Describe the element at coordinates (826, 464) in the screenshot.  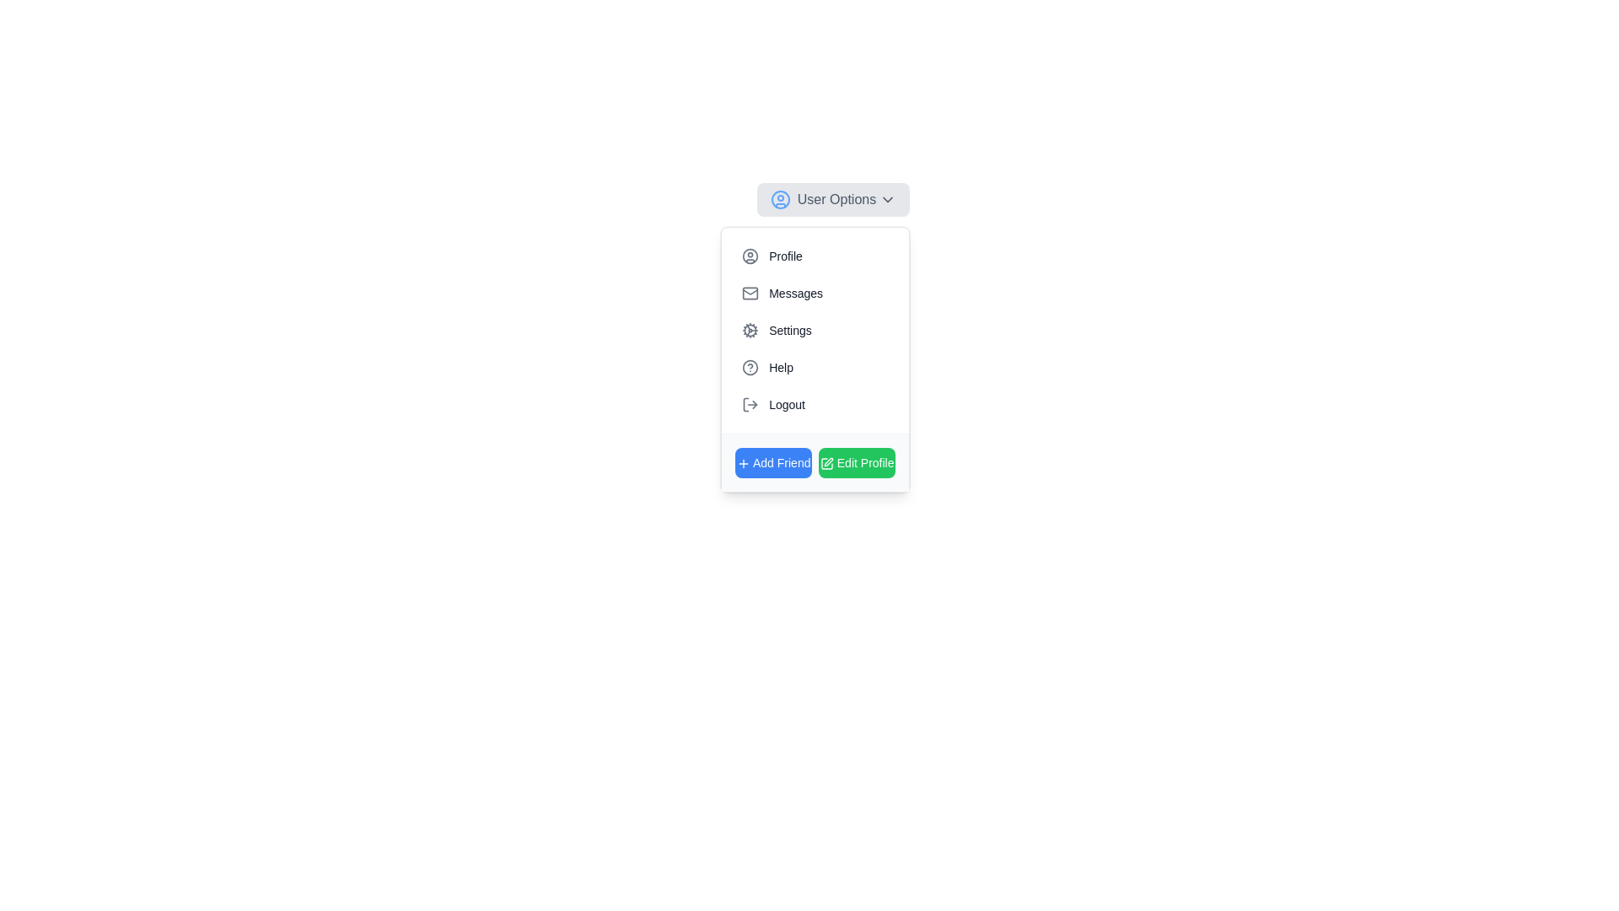
I see `the square icon with a pen inside, located within the 'Edit Profile' button with a green background` at that location.